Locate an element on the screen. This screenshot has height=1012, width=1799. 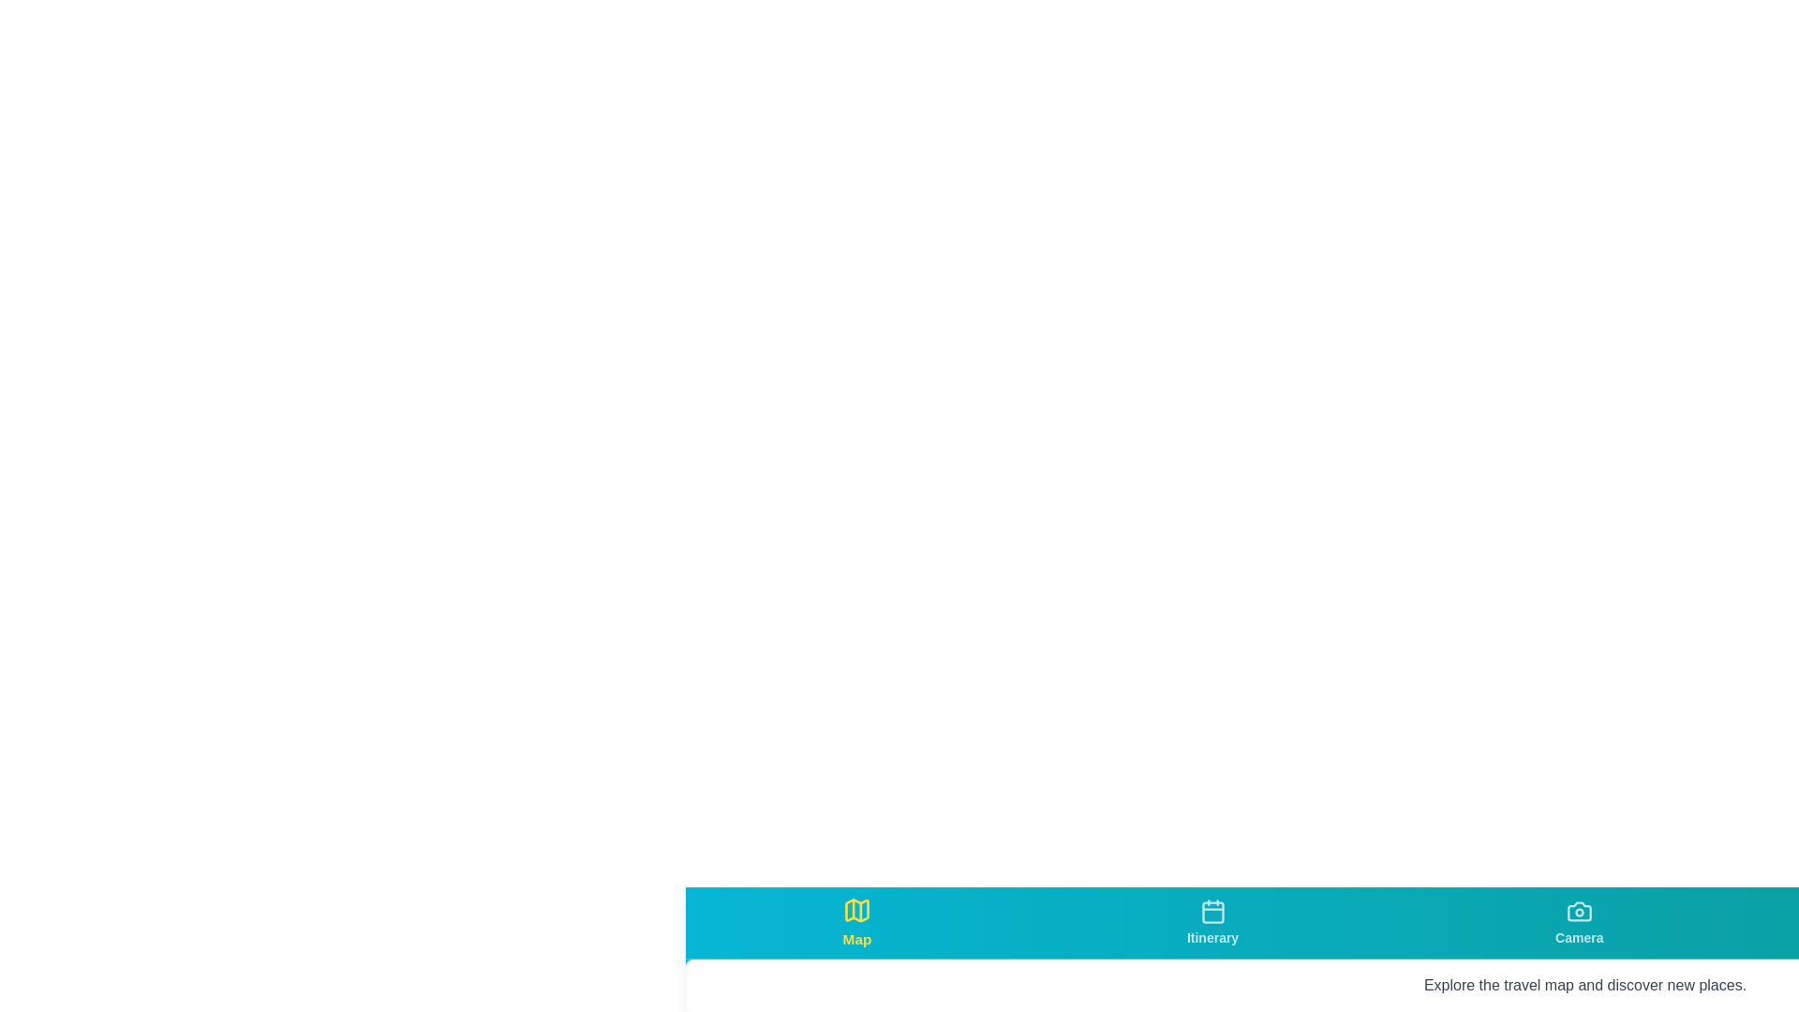
the Map tab to activate it is located at coordinates (855, 921).